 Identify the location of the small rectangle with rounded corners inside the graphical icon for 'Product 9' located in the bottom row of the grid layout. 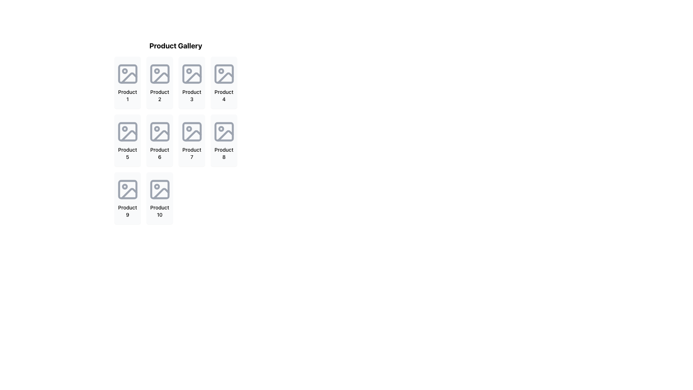
(127, 189).